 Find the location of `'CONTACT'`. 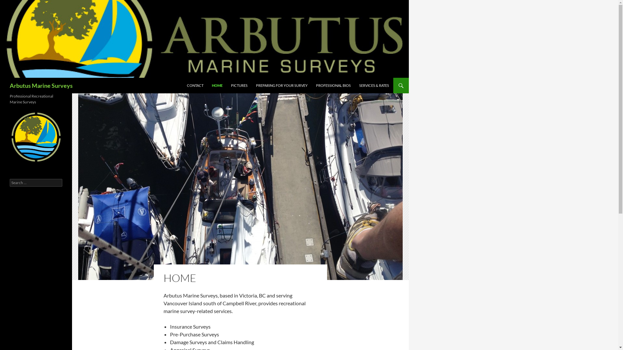

'CONTACT' is located at coordinates (195, 85).